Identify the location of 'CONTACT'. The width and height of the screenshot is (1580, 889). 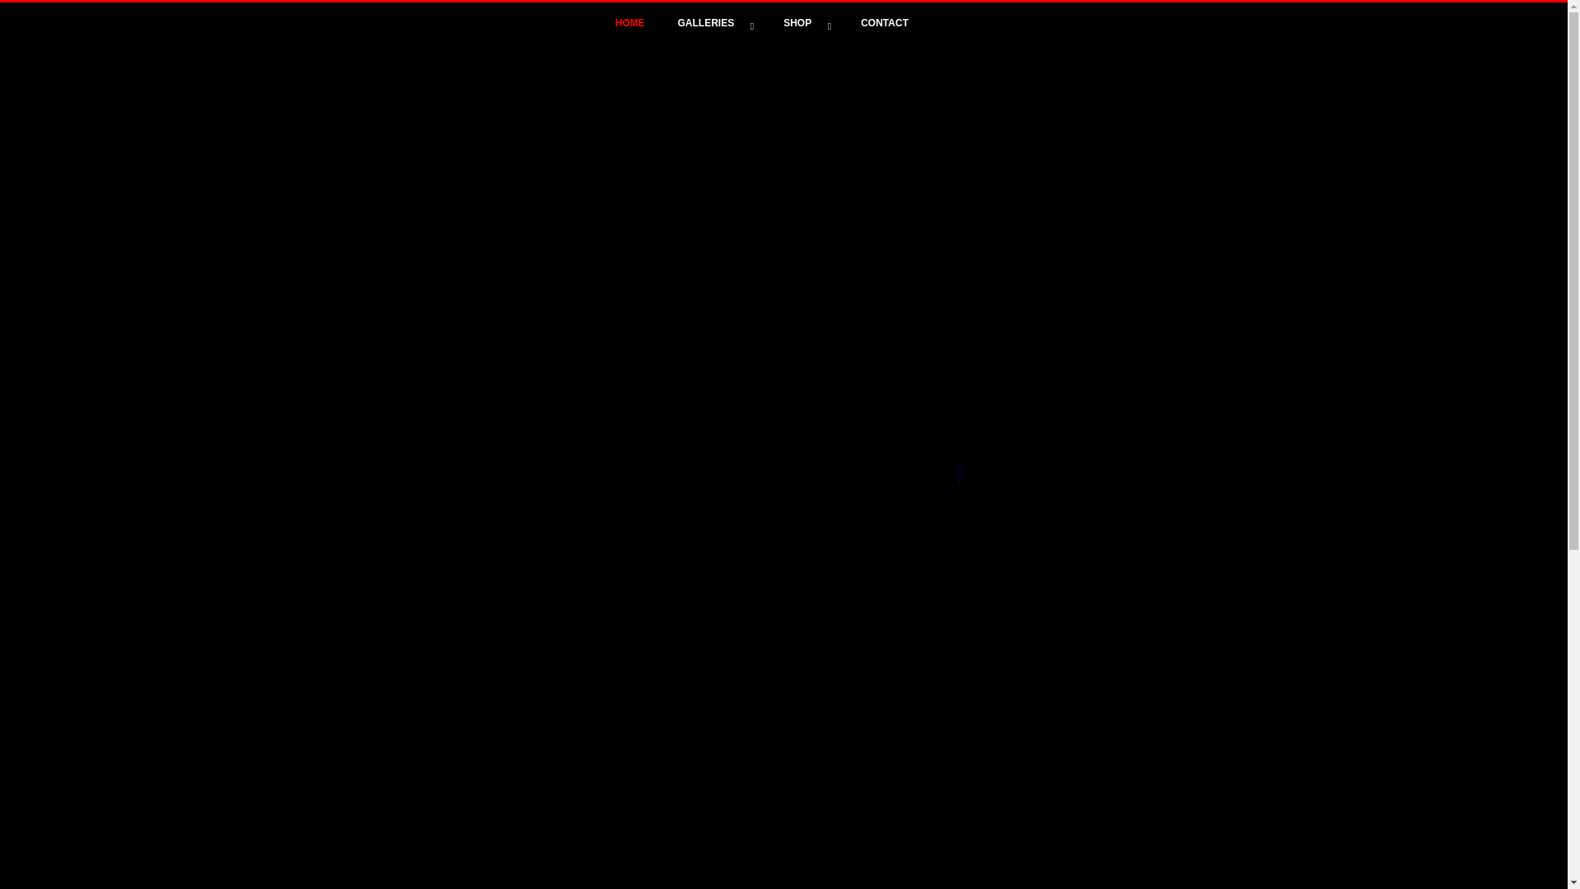
(884, 22).